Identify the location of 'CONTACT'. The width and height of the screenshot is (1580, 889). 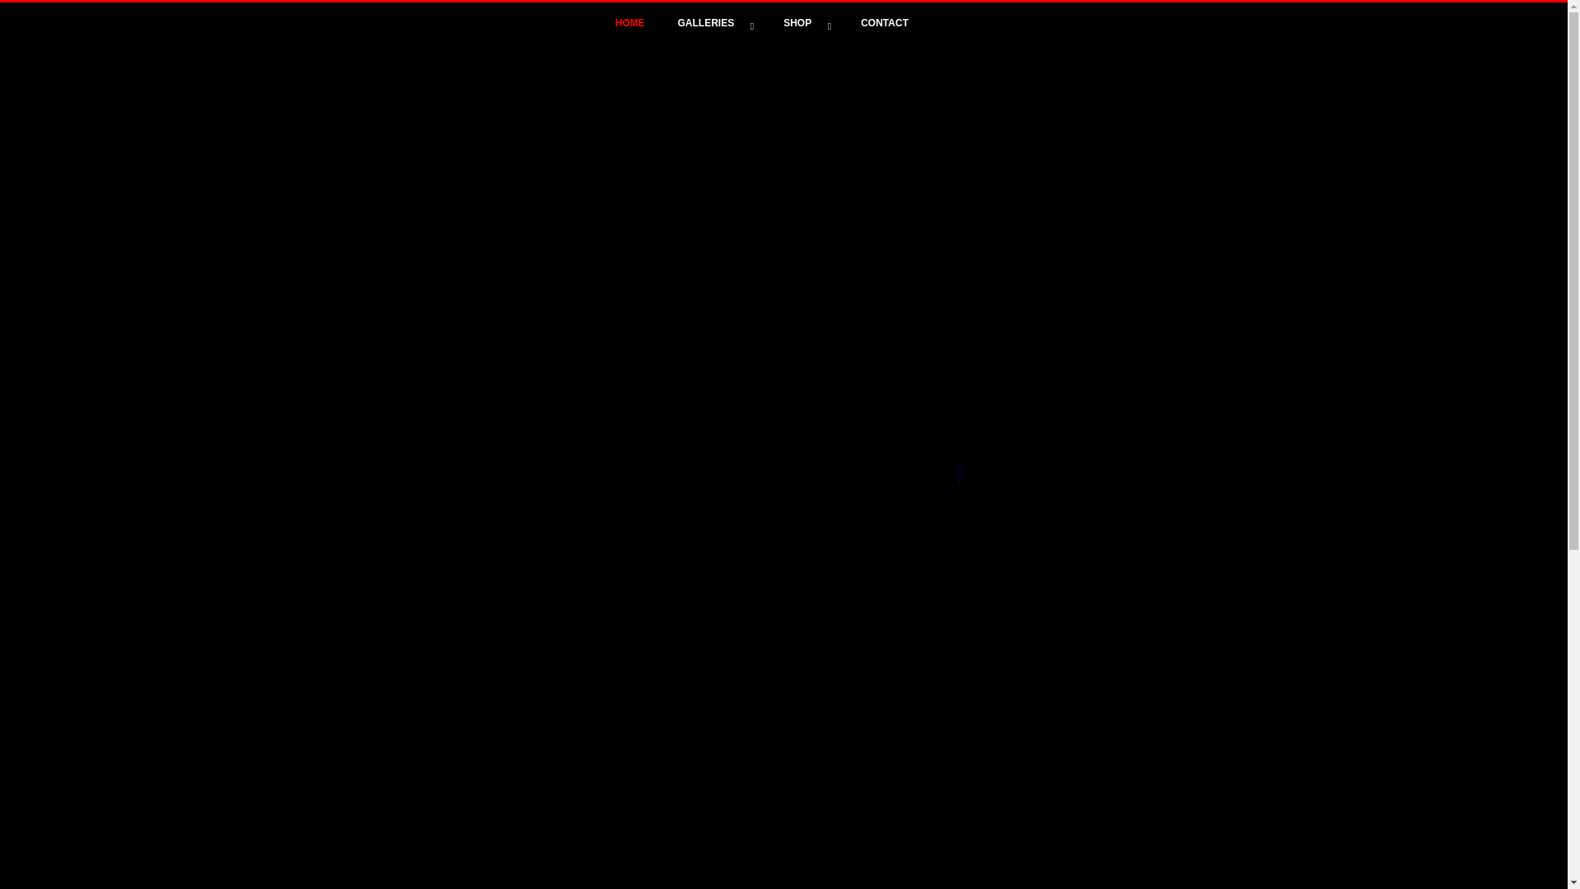
(884, 22).